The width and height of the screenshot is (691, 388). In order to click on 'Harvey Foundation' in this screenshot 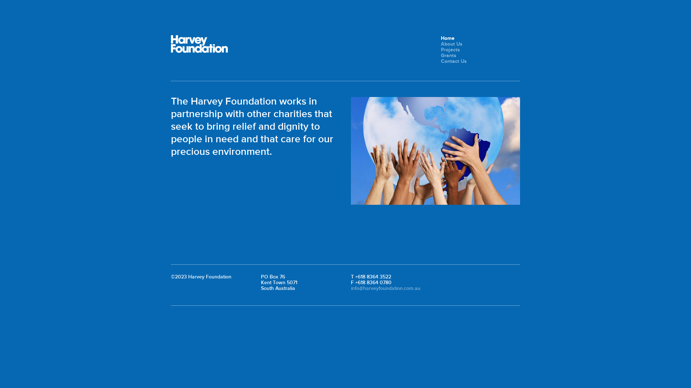, I will do `click(199, 44)`.